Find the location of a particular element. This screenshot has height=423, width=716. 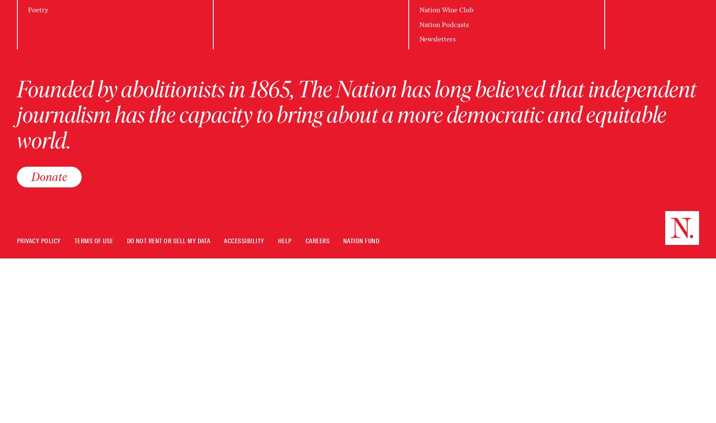

'Newsletters' is located at coordinates (437, 38).